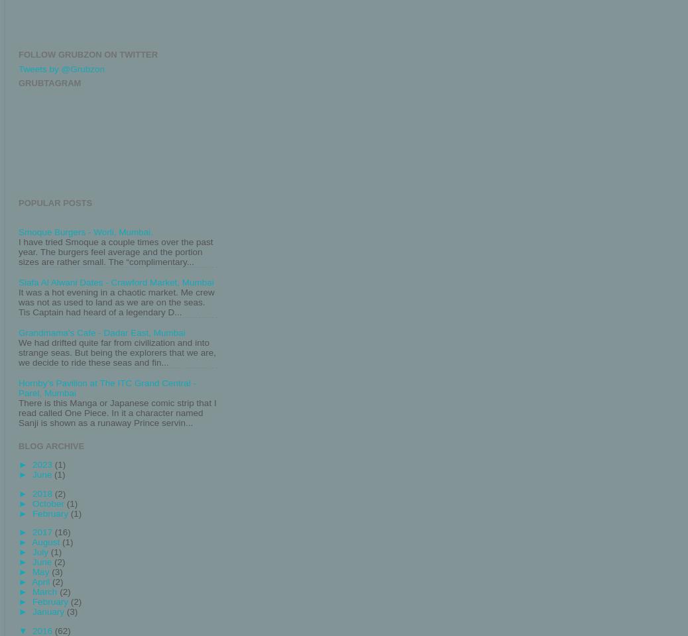  Describe the element at coordinates (50, 445) in the screenshot. I see `'Blog Archive'` at that location.